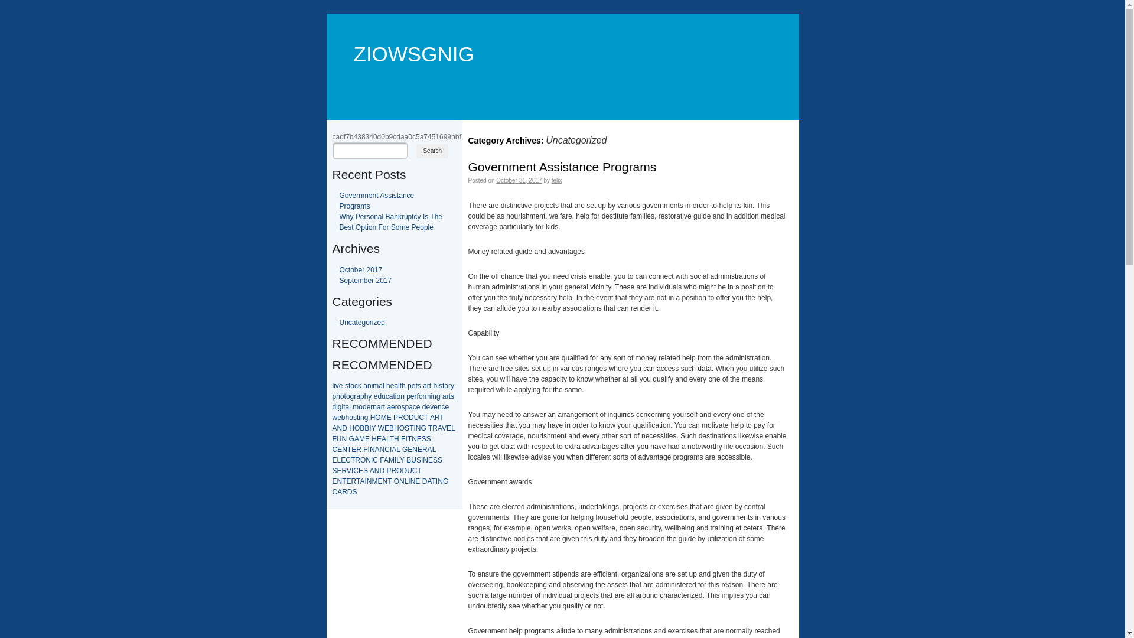 This screenshot has width=1134, height=638. What do you see at coordinates (435, 385) in the screenshot?
I see `'h'` at bounding box center [435, 385].